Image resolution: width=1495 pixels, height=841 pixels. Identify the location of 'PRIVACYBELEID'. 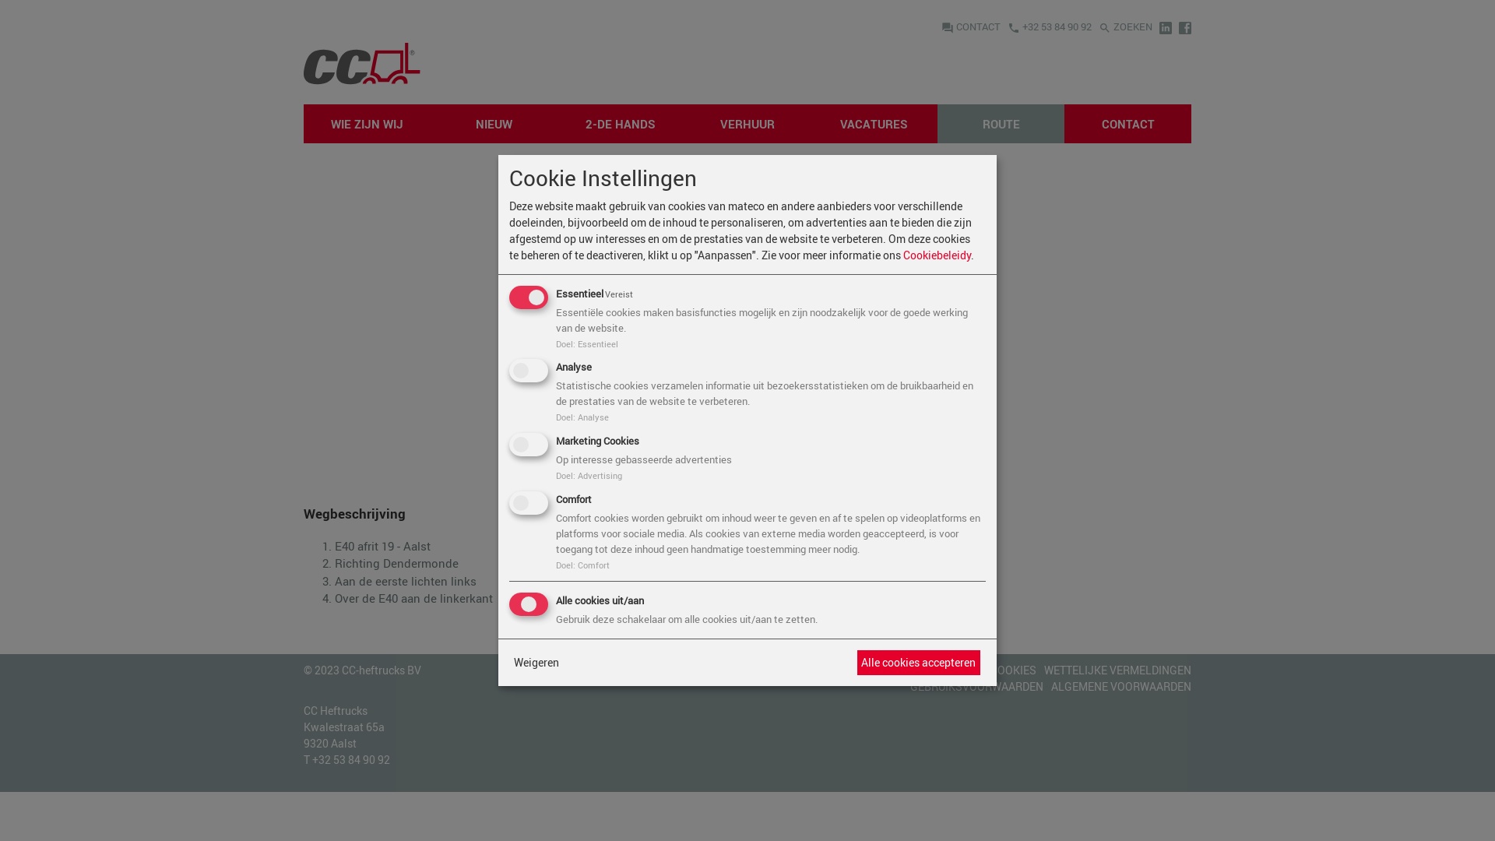
(941, 668).